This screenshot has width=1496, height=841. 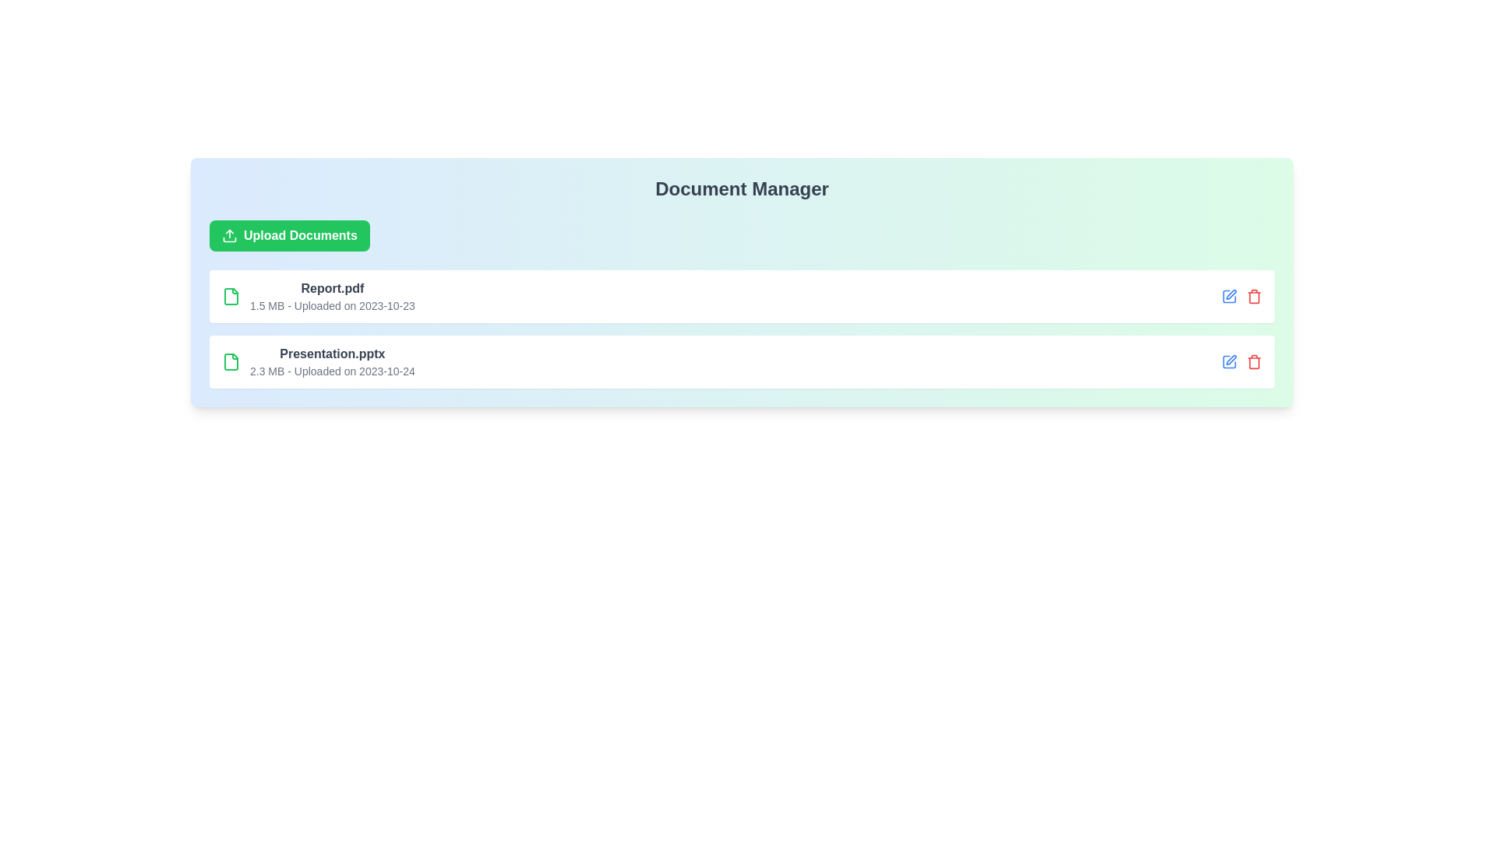 I want to click on the file metadata display that shows the attributes of 'Report.pdf', which includes an icon and additional metadata, located at the specified coordinates, so click(x=317, y=297).